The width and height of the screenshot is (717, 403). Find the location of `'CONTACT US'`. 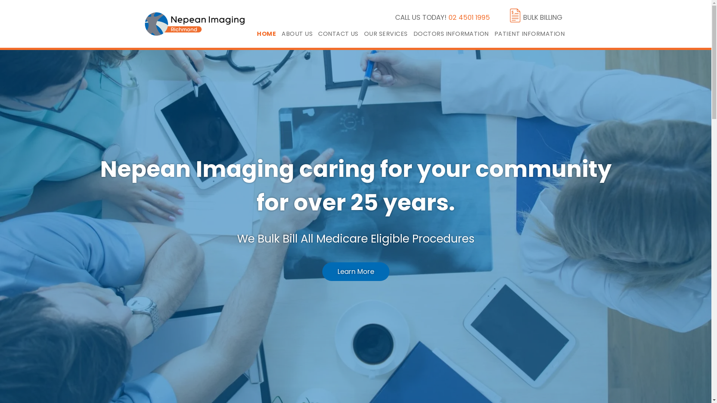

'CONTACT US' is located at coordinates (341, 34).